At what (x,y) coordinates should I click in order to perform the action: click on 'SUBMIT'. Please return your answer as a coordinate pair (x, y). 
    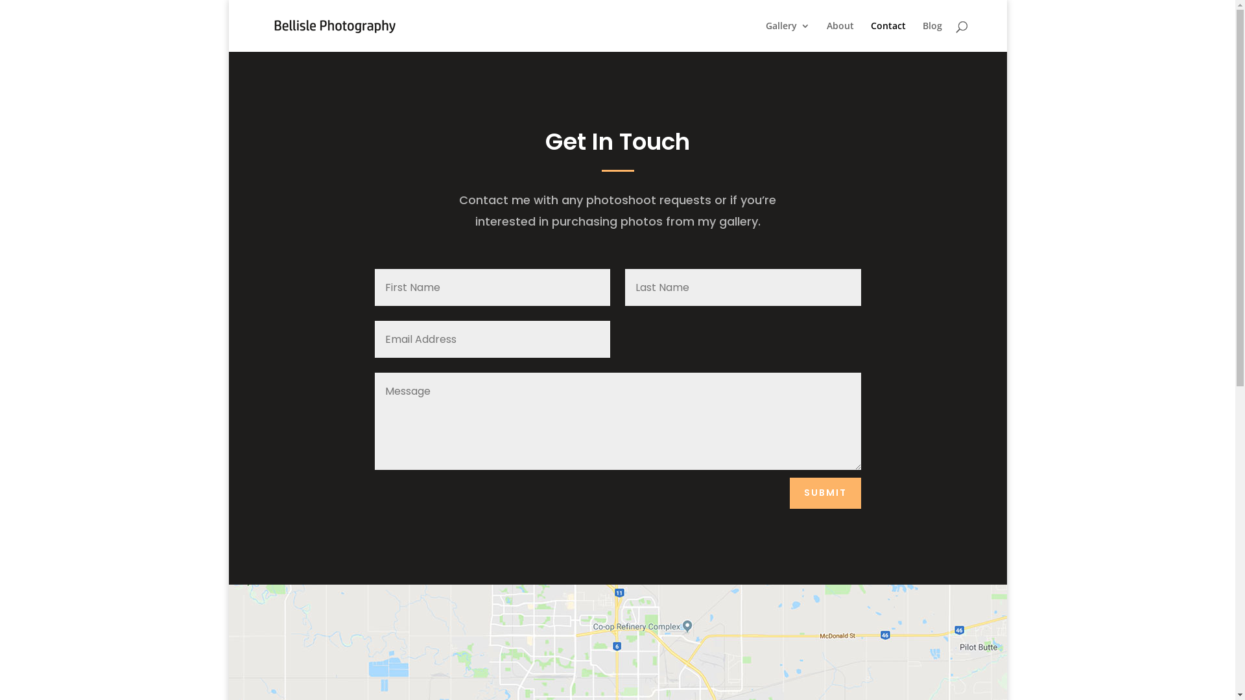
    Looking at the image, I should click on (789, 493).